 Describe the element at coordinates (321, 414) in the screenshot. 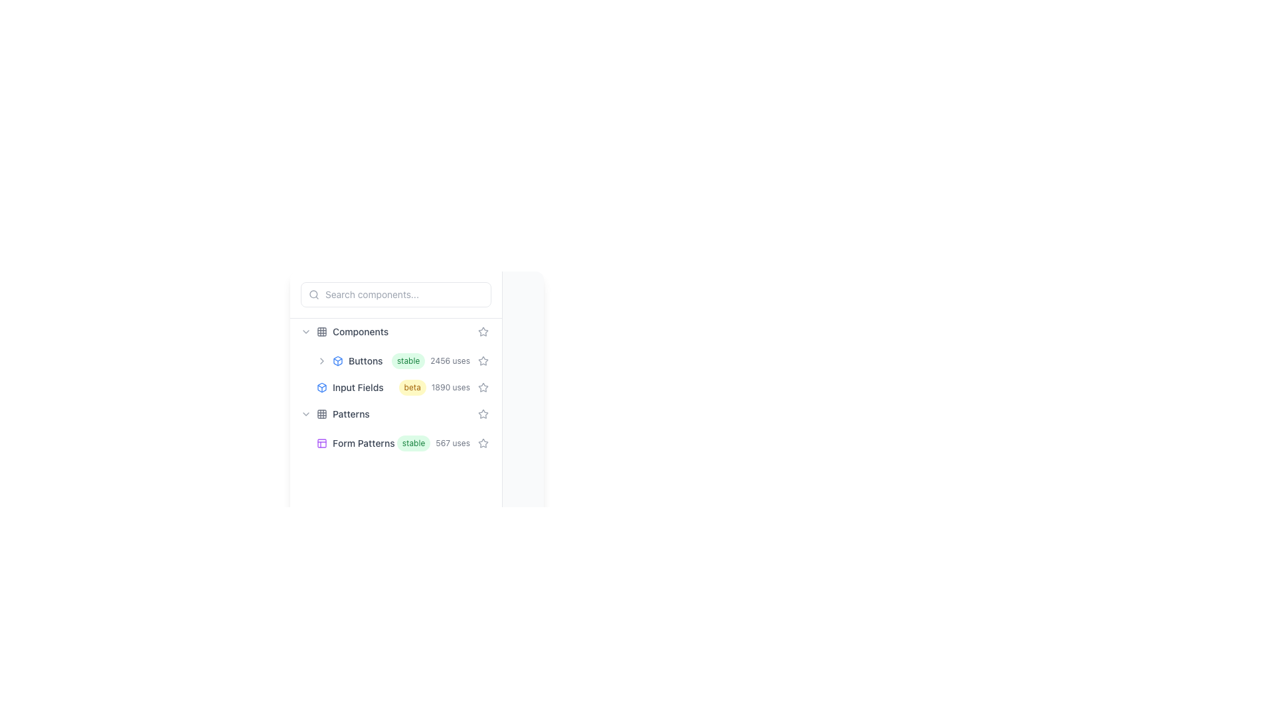

I see `the icon located to the left of the 'Patterns' label in the menu, serving as a visual indicator for the section` at that location.